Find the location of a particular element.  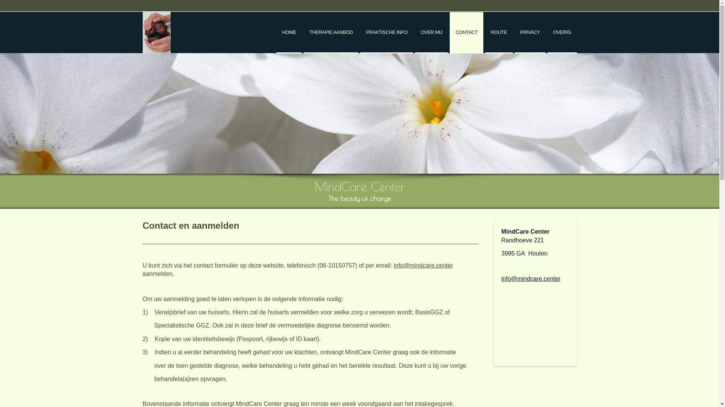

'OVERIG' is located at coordinates (547, 32).